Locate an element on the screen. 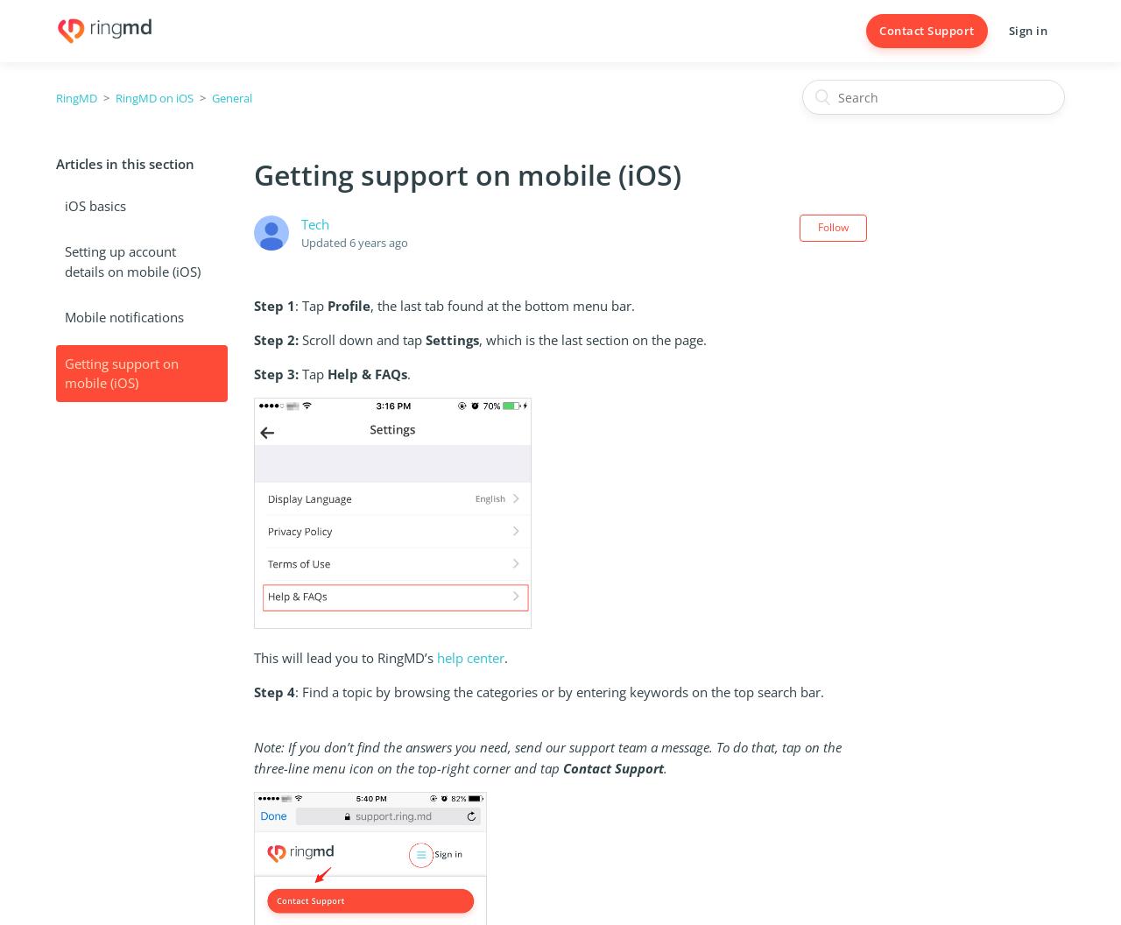 This screenshot has height=925, width=1121. ': Find a topic by browsing the categories or by entering keywords on the top search bar.' is located at coordinates (562, 690).